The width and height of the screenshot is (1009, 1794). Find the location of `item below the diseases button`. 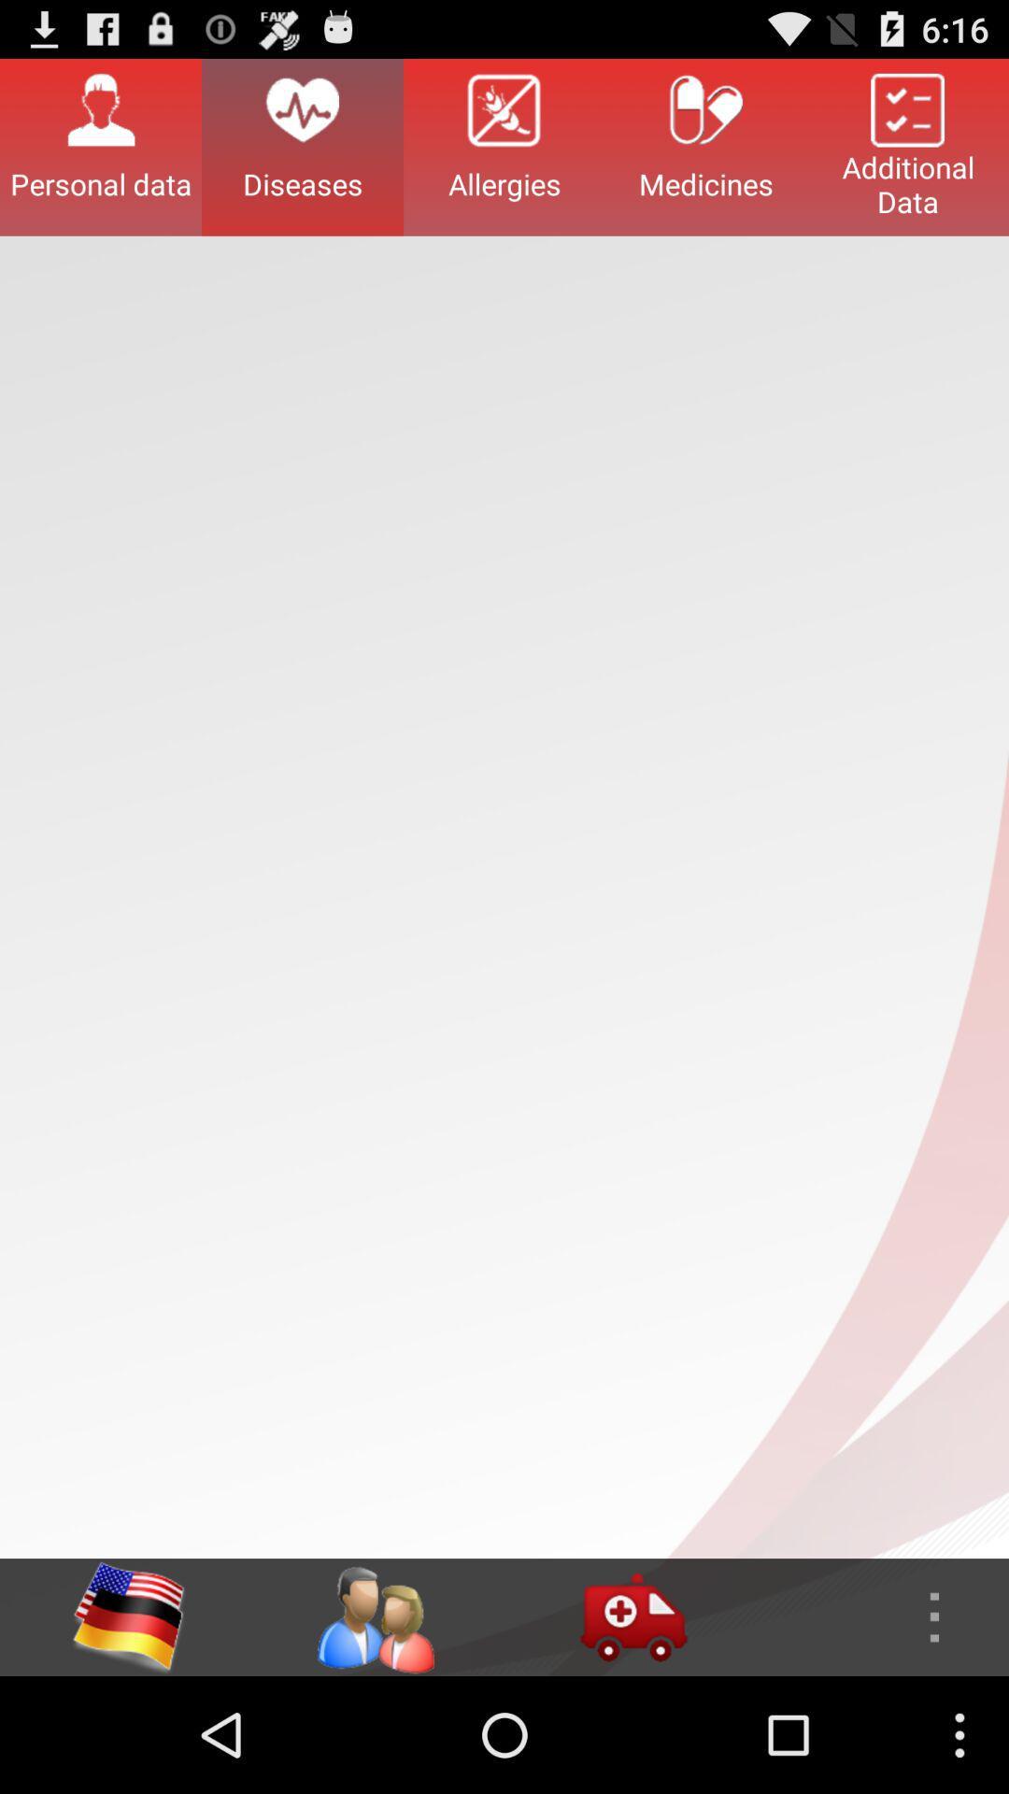

item below the diseases button is located at coordinates (375, 1616).